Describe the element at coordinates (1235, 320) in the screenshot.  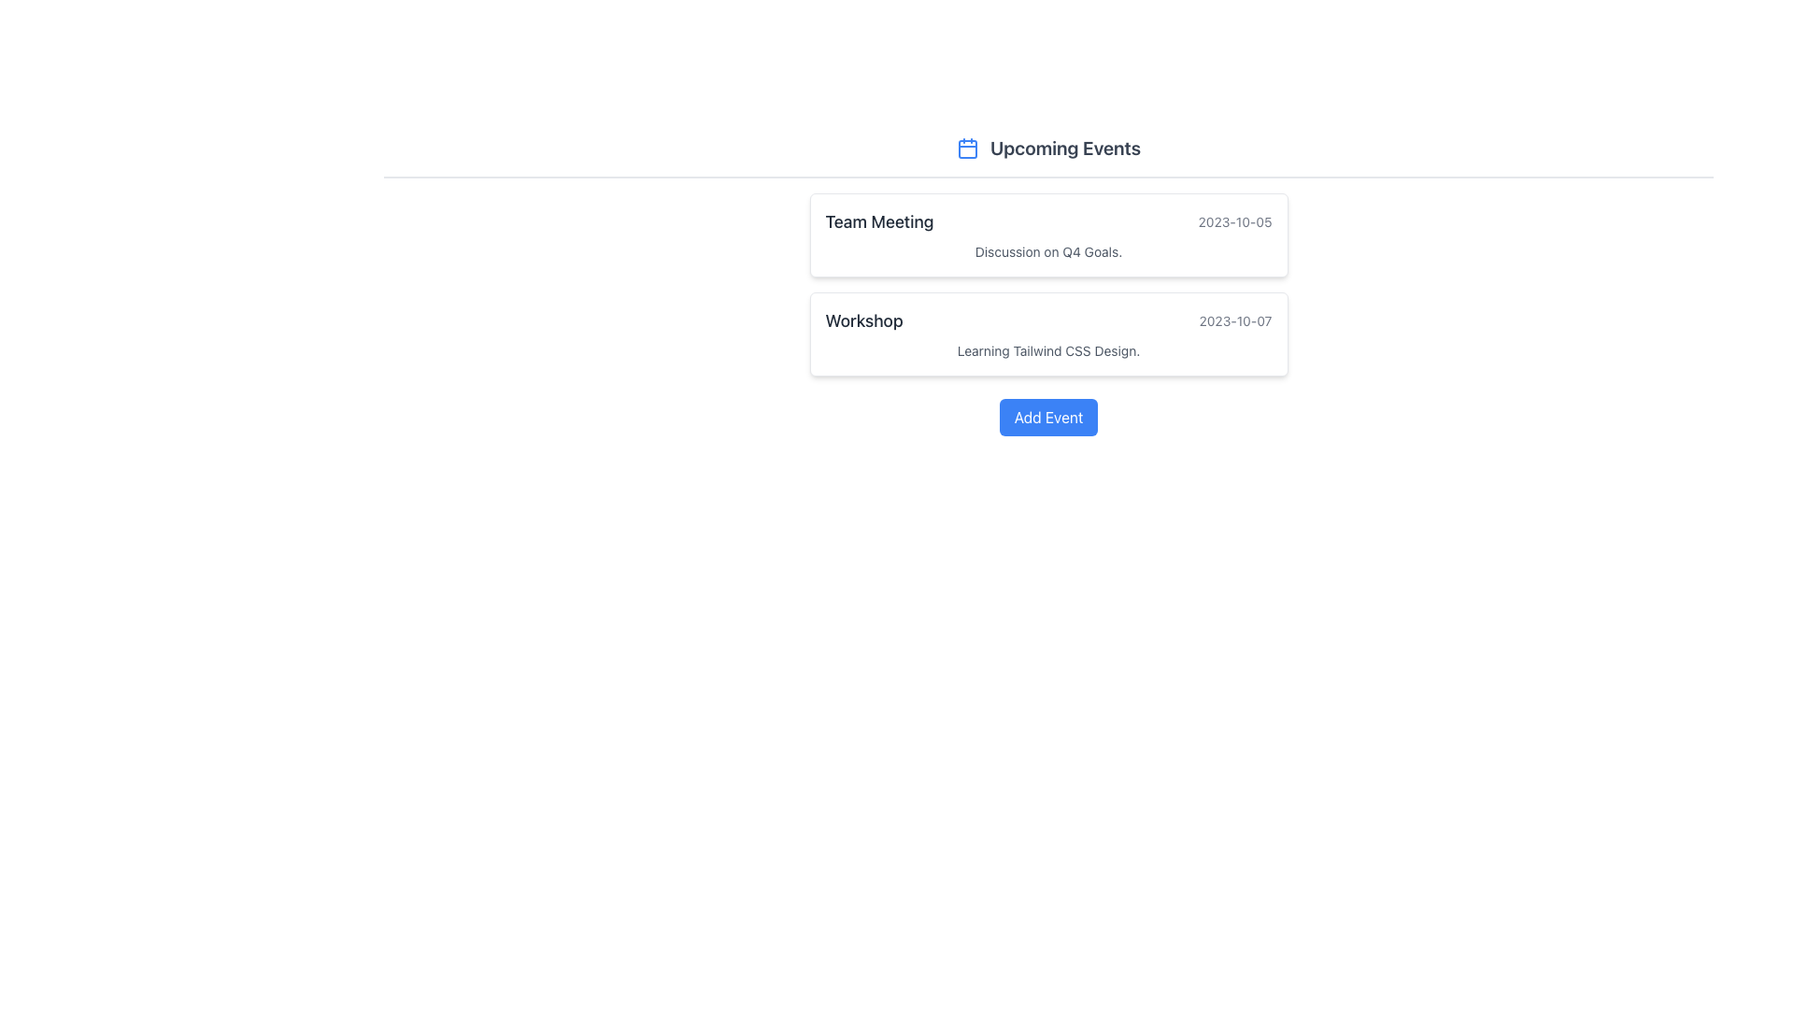
I see `the date text element located at the top-right of the 'Workshop' card, which displays the scheduled date for the event` at that location.